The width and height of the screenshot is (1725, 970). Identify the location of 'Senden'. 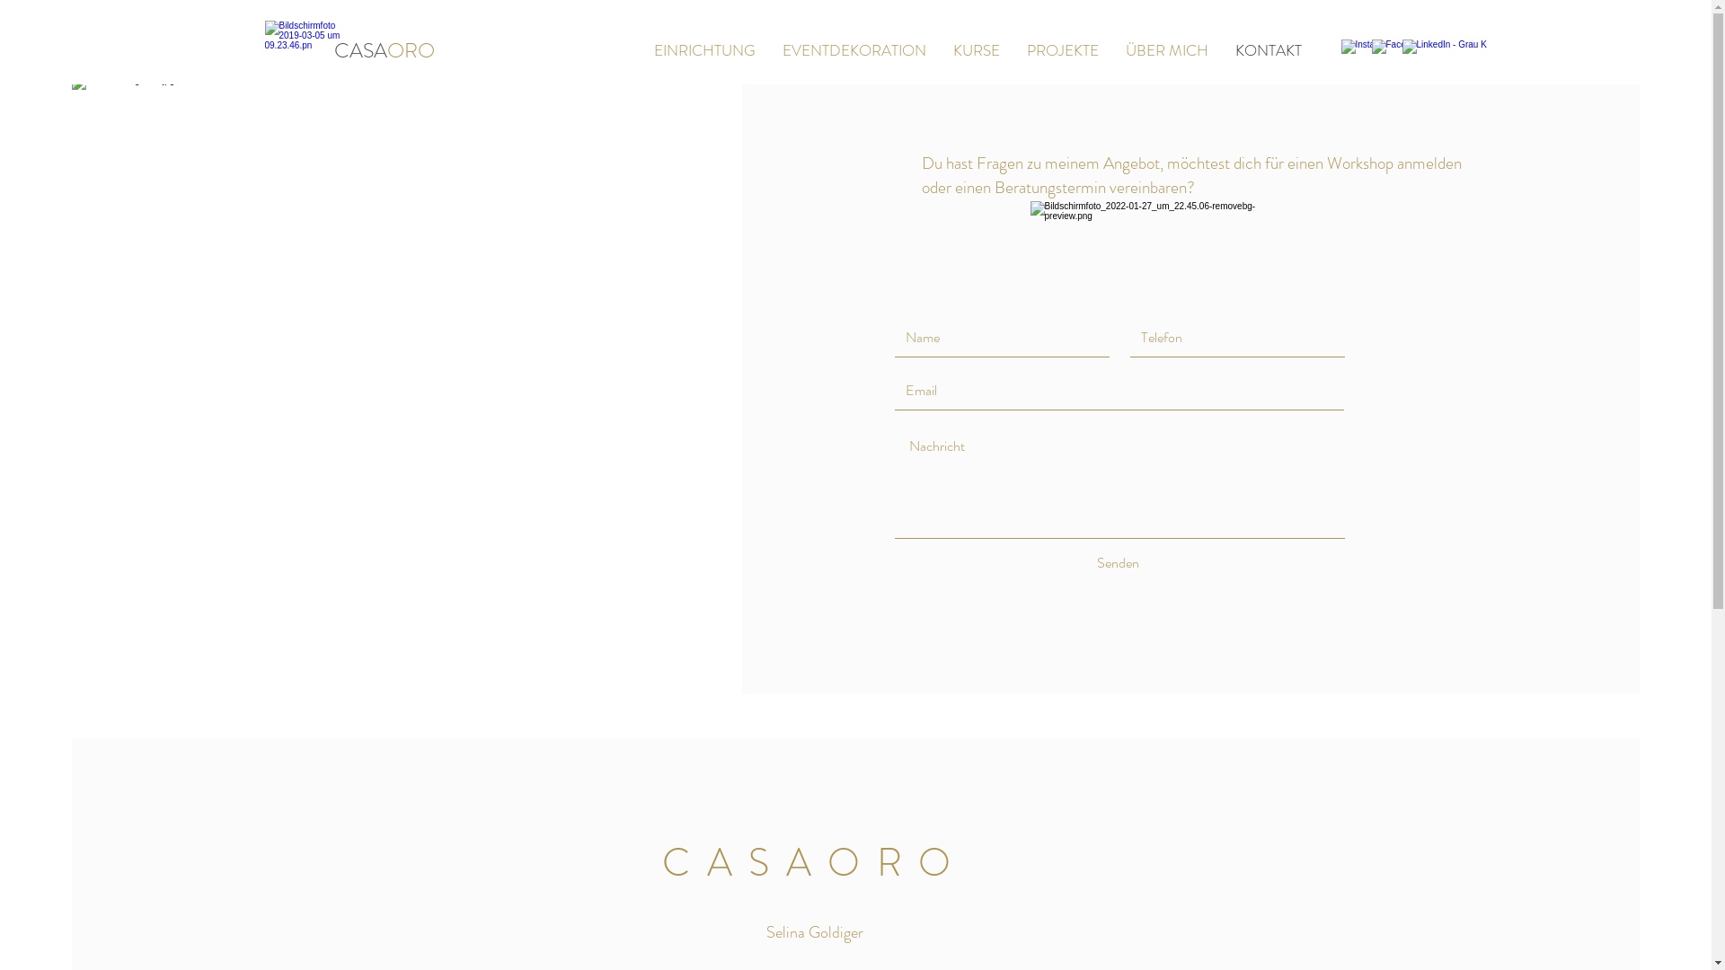
(1060, 562).